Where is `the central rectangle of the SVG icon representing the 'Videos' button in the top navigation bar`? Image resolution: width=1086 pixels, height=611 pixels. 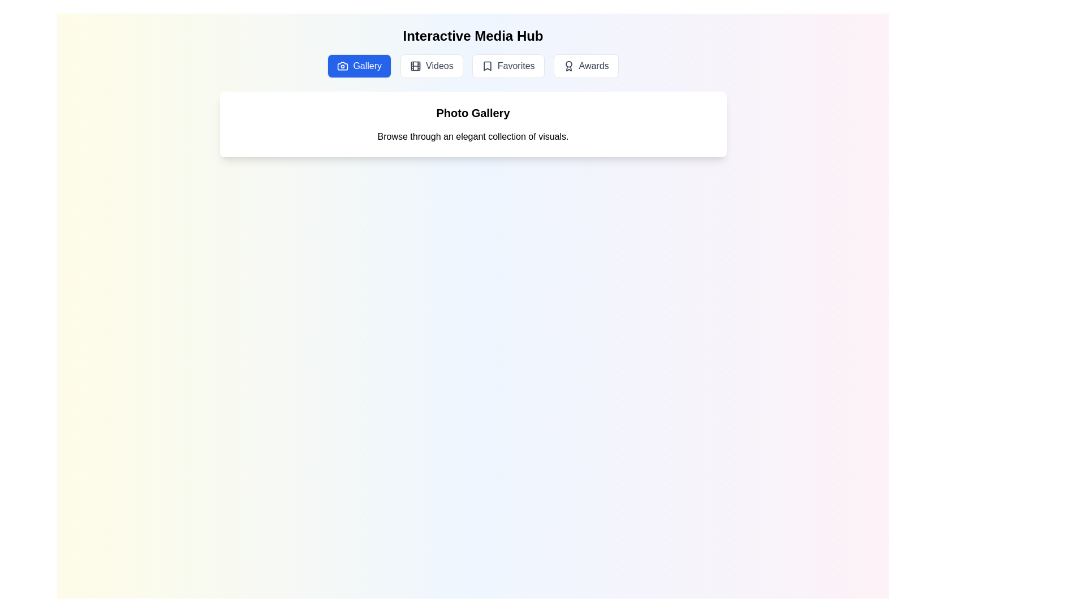
the central rectangle of the SVG icon representing the 'Videos' button in the top navigation bar is located at coordinates (415, 66).